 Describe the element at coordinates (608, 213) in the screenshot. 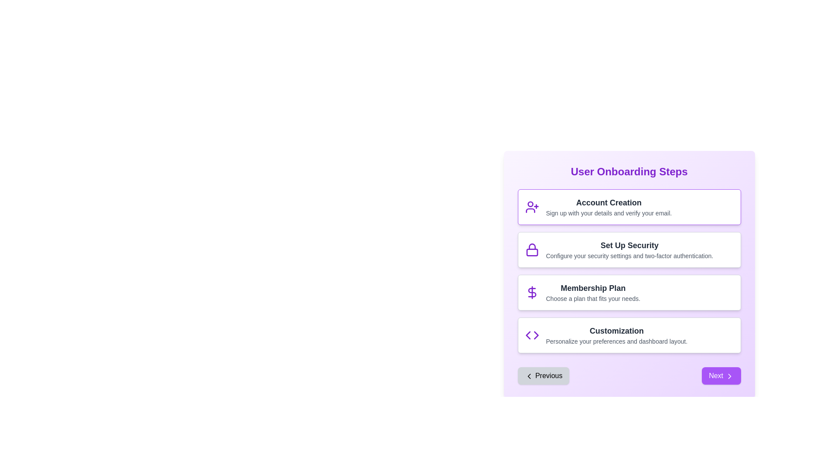

I see `static text label that instructs users to 'Sign up with your details and verify your email.' located below the 'Account Creation' heading in the user onboarding steps panel` at that location.